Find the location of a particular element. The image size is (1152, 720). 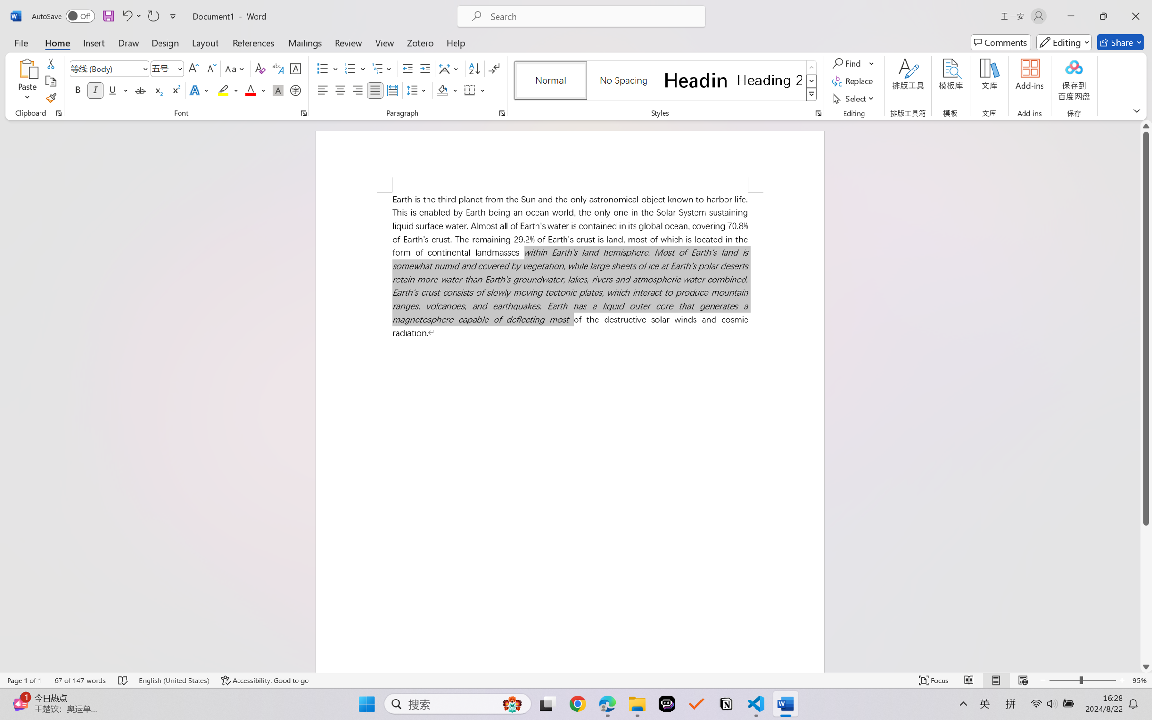

'Character Shading' is located at coordinates (277, 90).